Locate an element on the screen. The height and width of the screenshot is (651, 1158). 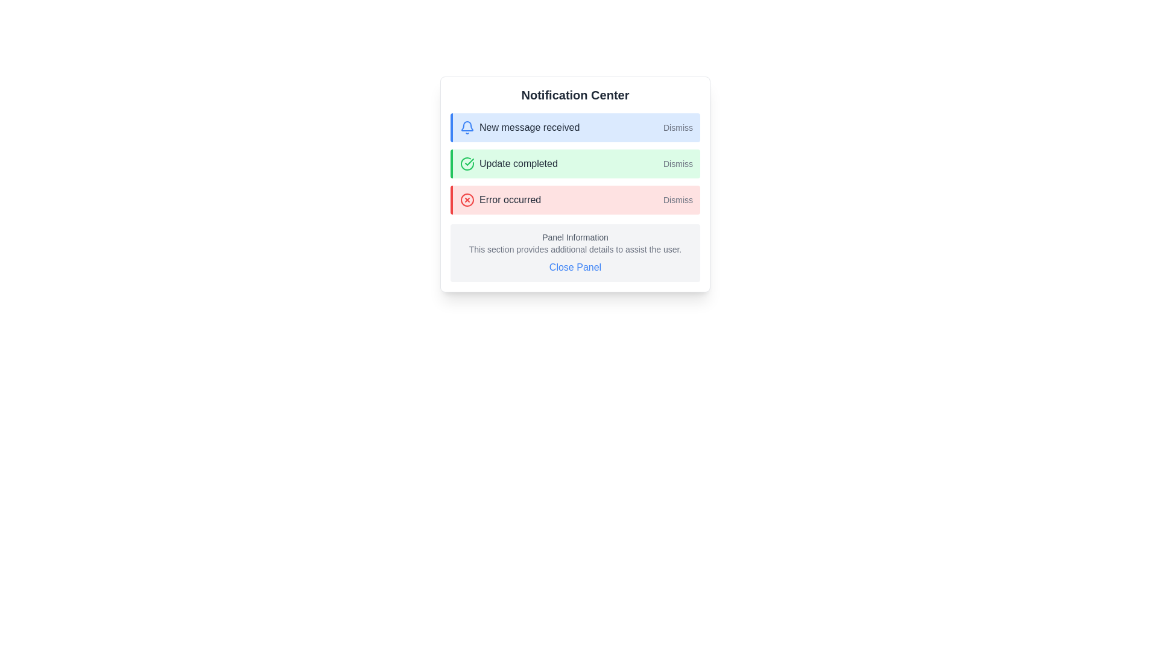
the informational panel containing text and a clickable link located in the Notification Center is located at coordinates (575, 253).